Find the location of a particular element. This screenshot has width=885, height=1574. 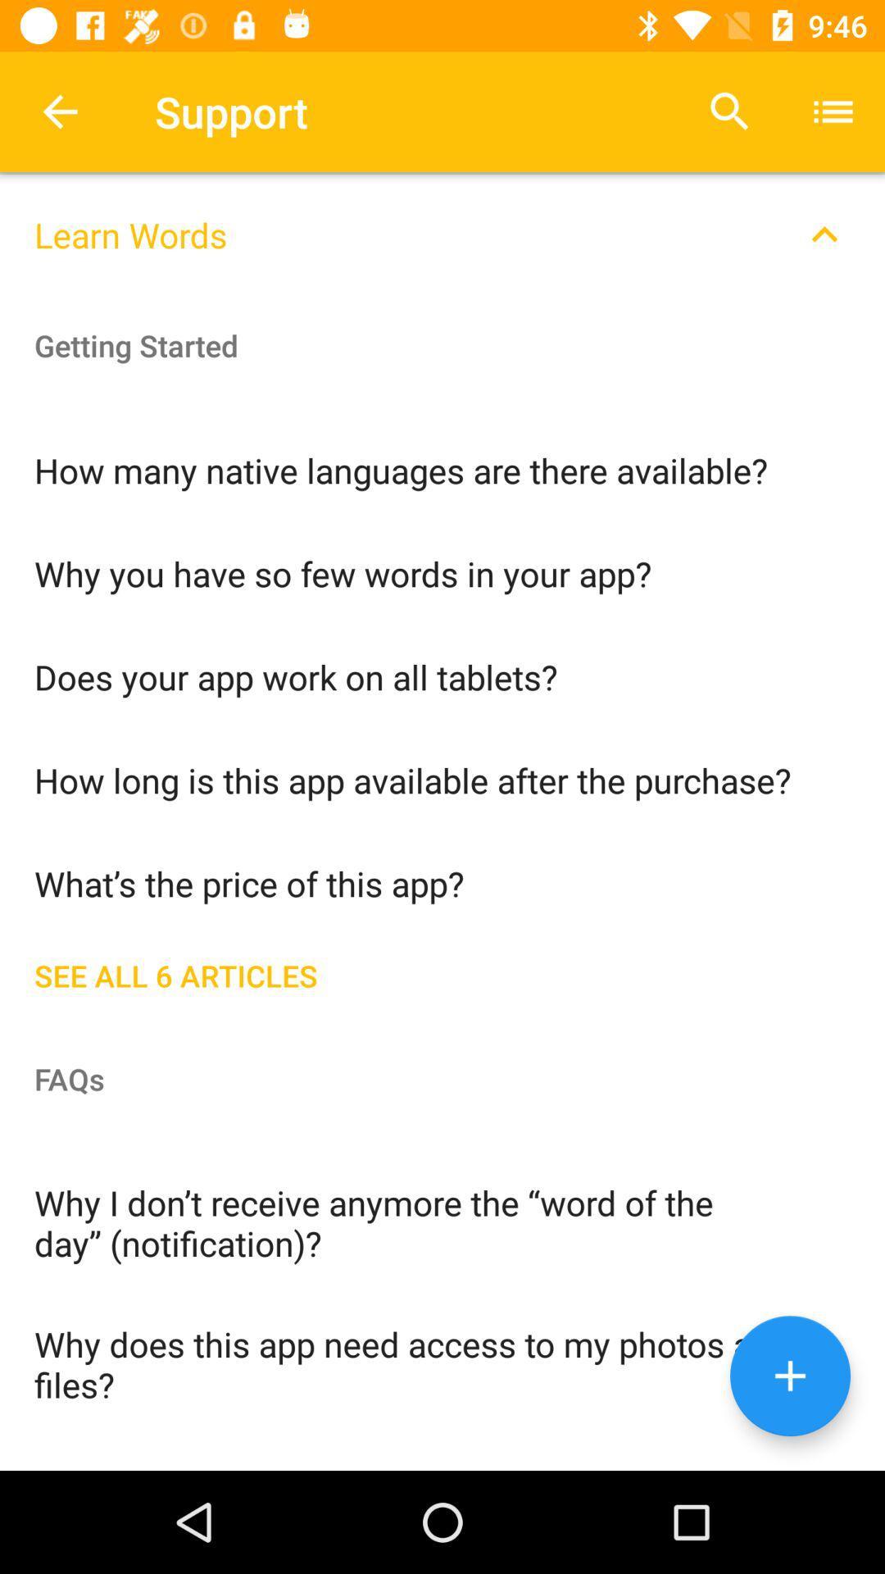

the icon below the how long is icon is located at coordinates (442, 881).